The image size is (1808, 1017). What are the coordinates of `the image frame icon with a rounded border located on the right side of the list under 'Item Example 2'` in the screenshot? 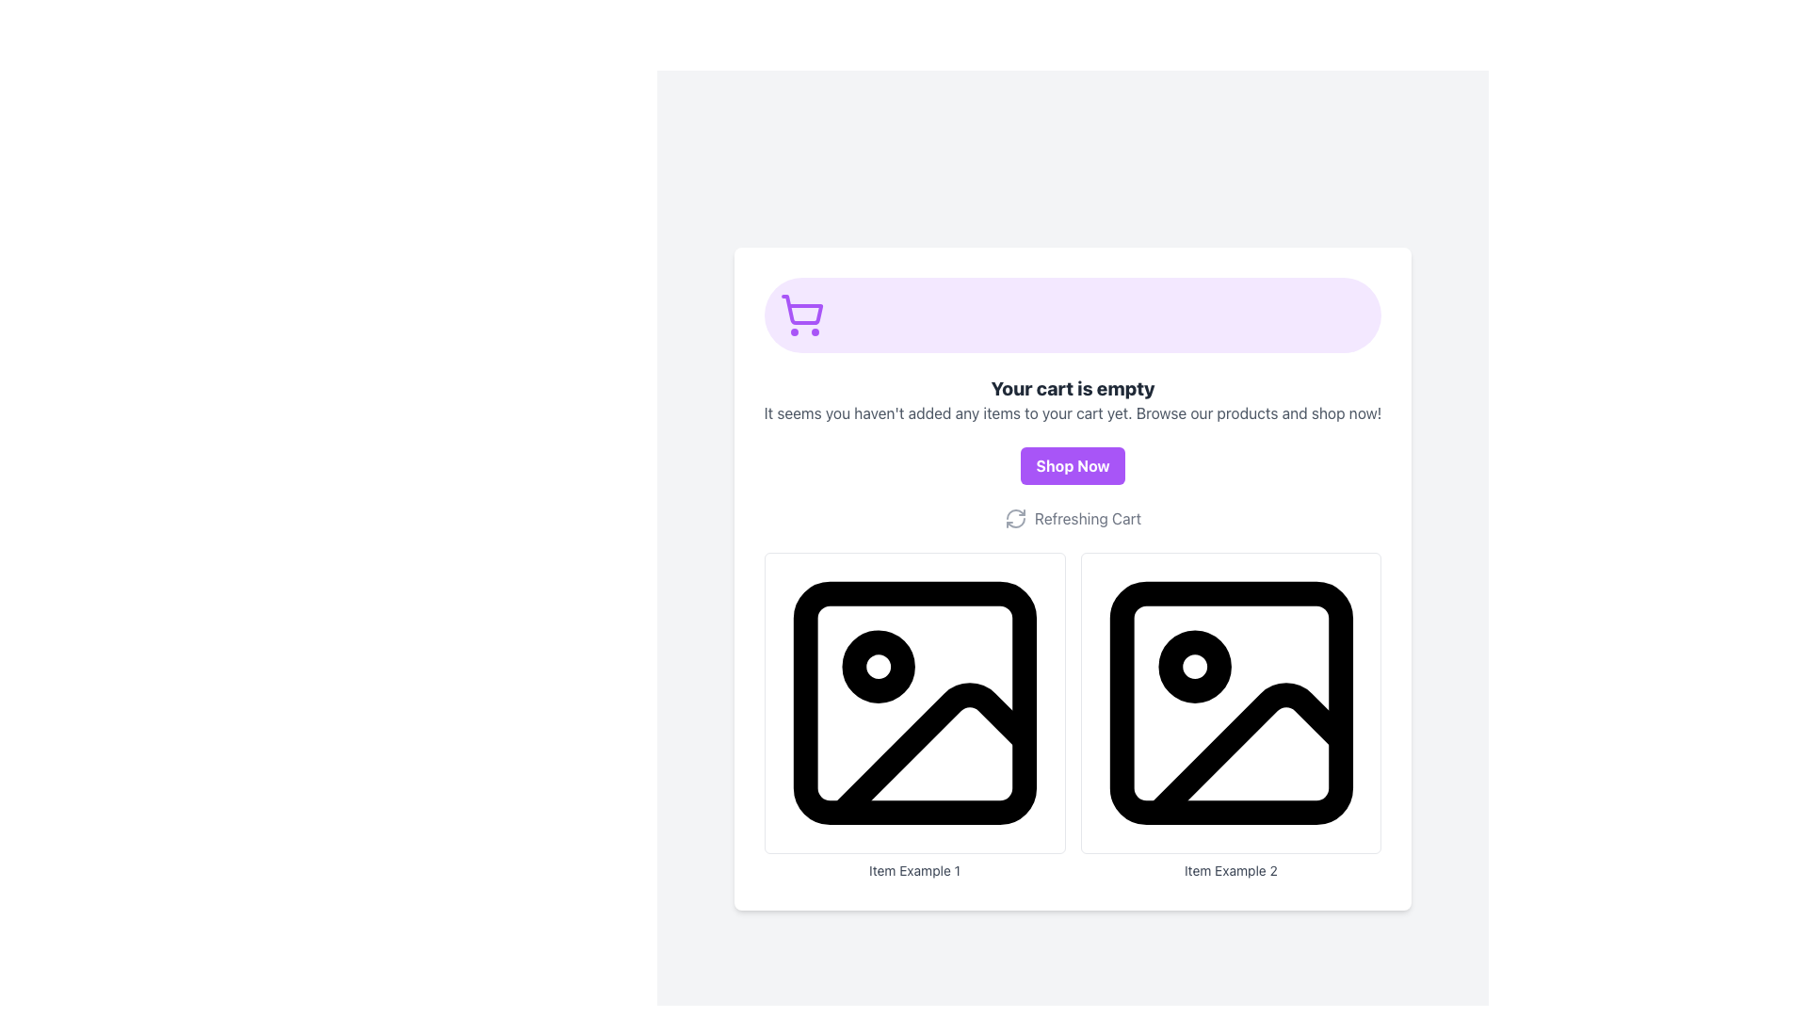 It's located at (1231, 703).